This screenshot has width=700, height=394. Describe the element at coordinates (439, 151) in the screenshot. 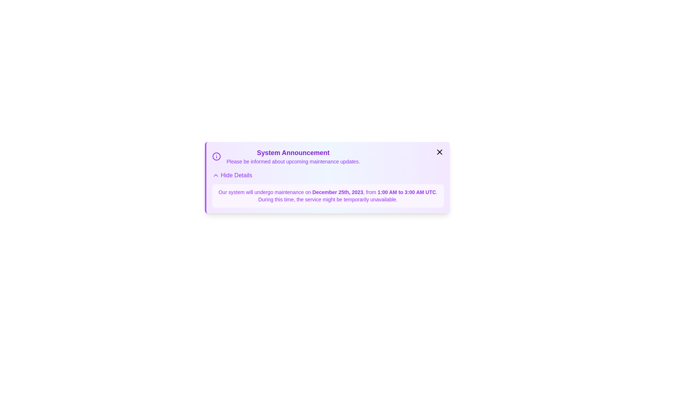

I see `the close button represented by an 'X' icon located at the top-right corner of the notification message box` at that location.